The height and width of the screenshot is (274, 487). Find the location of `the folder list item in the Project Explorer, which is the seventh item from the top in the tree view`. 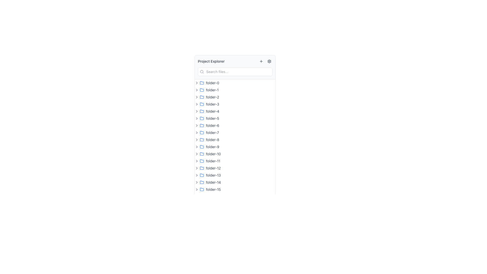

the folder list item in the Project Explorer, which is the seventh item from the top in the tree view is located at coordinates (235, 125).